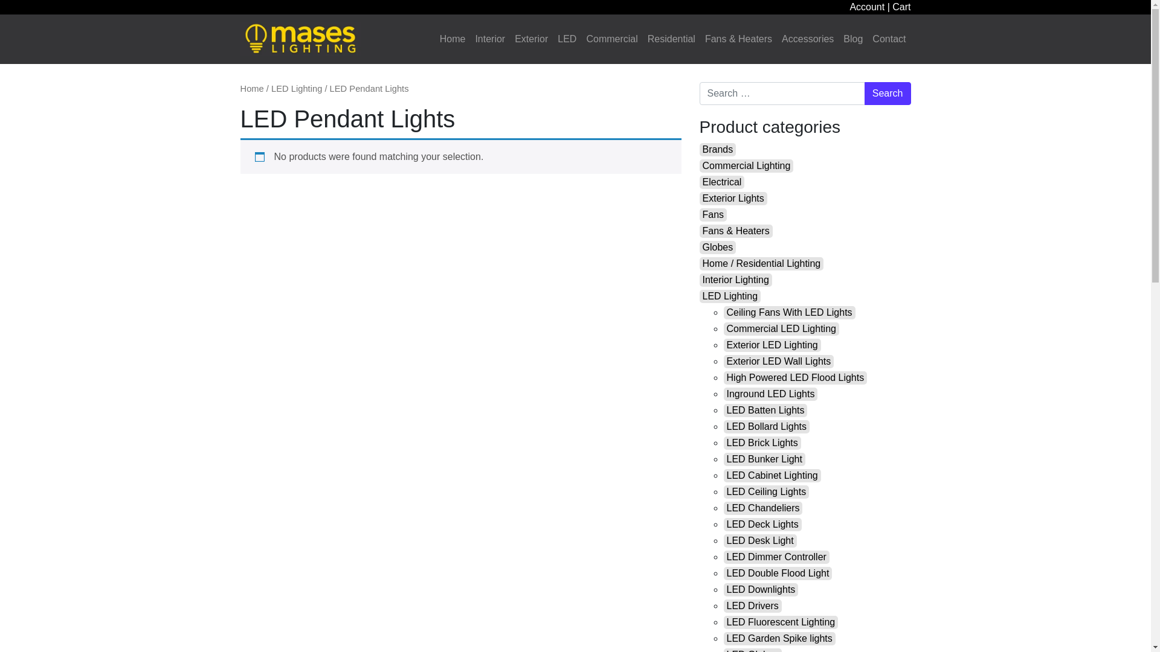  I want to click on 'Inground LED Lights', so click(770, 394).